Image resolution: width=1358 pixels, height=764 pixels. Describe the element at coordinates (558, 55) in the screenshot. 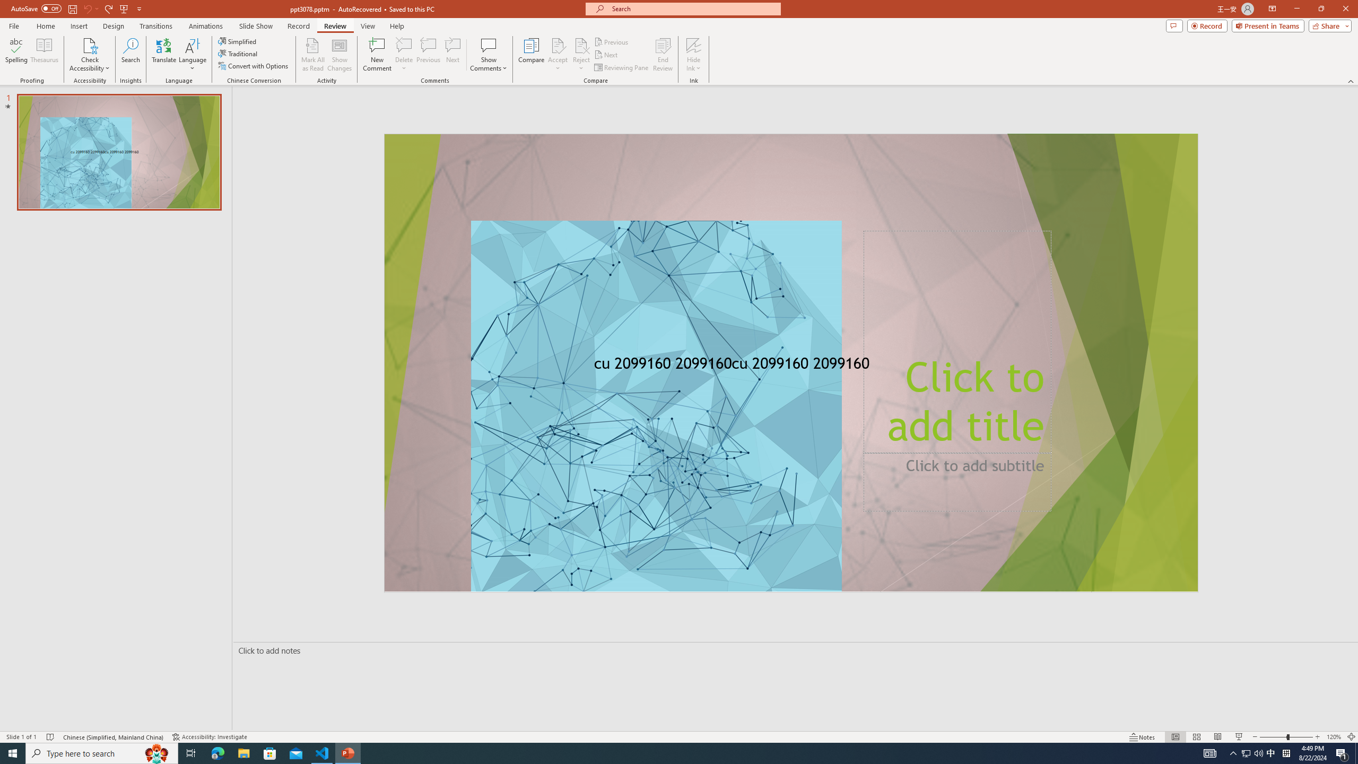

I see `'Accept'` at that location.